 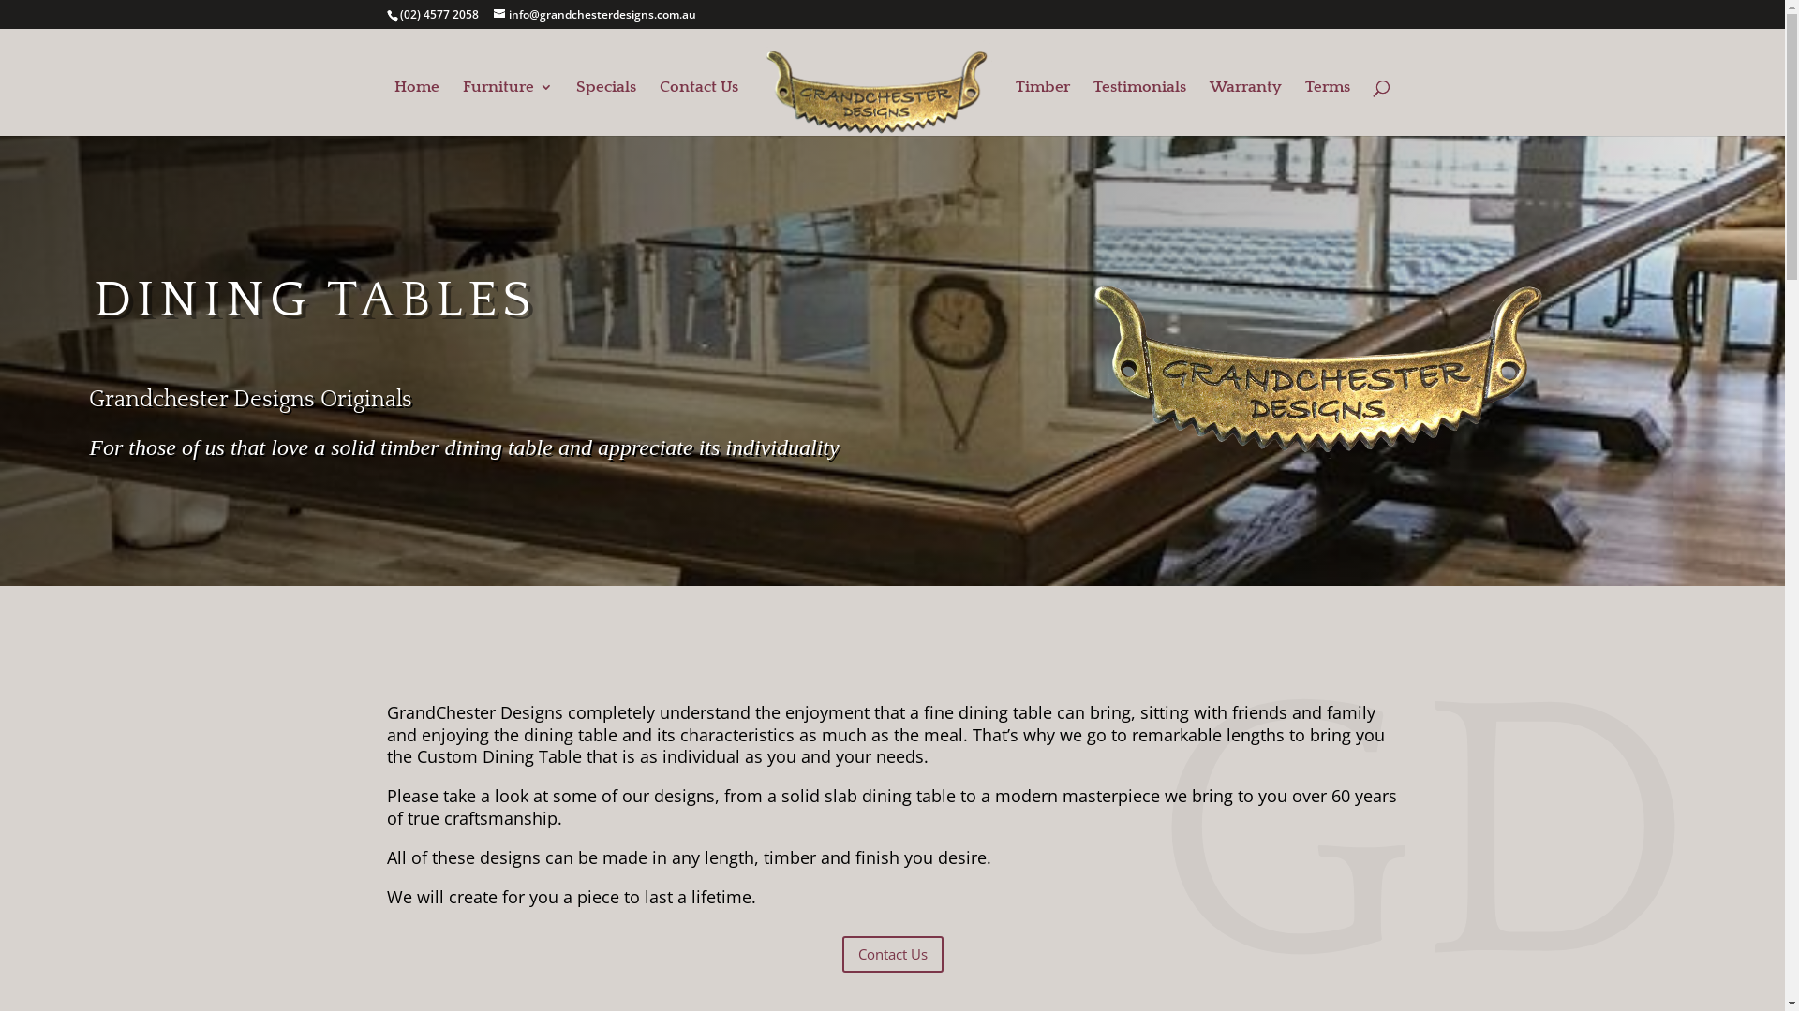 What do you see at coordinates (416, 108) in the screenshot?
I see `'Home'` at bounding box center [416, 108].